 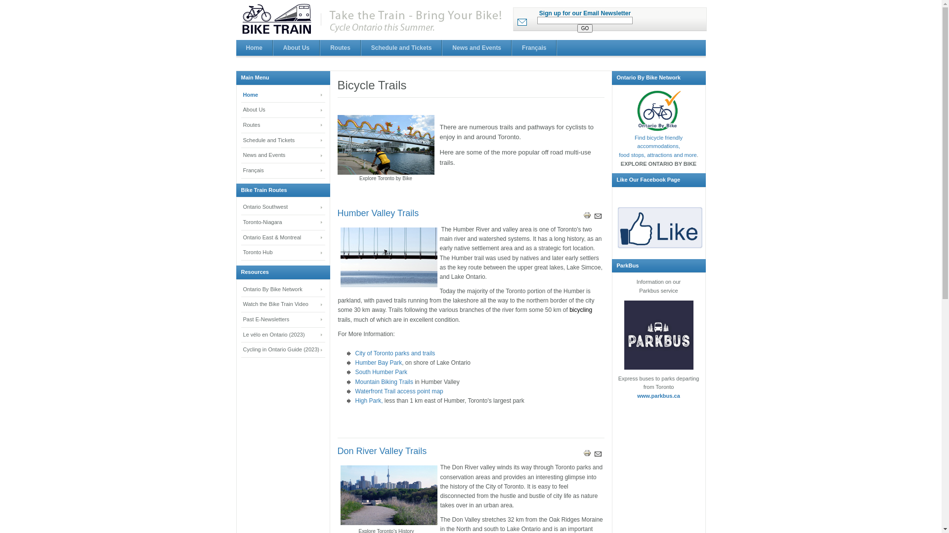 What do you see at coordinates (384, 381) in the screenshot?
I see `'Mountain Biking Trails'` at bounding box center [384, 381].